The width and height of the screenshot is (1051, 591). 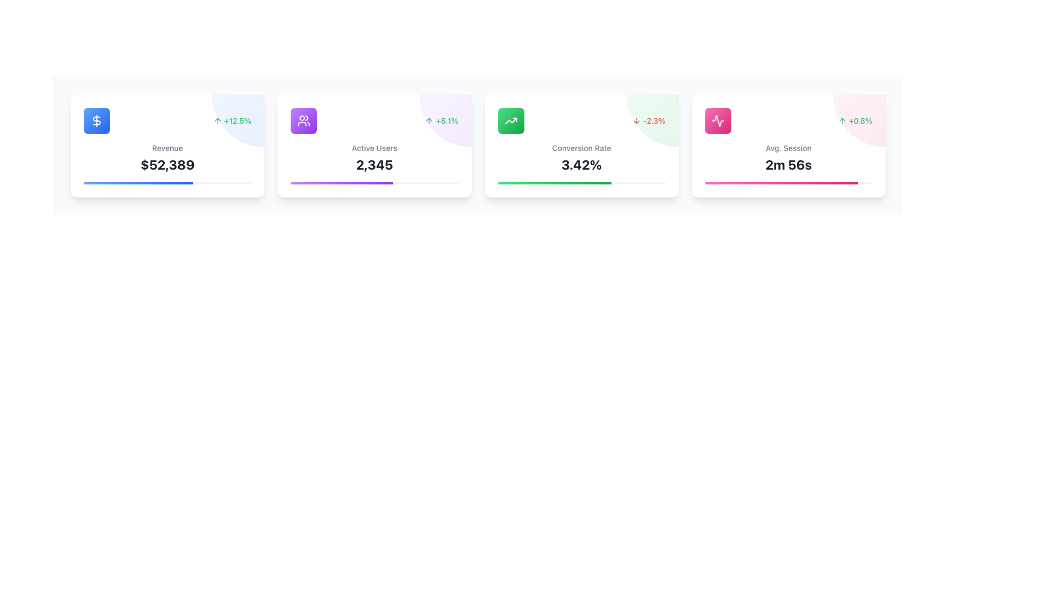 I want to click on electrocardiogram icon with a gradient background in the upper-left corner of the fourth metric card for 'Avg. Session', so click(x=718, y=120).